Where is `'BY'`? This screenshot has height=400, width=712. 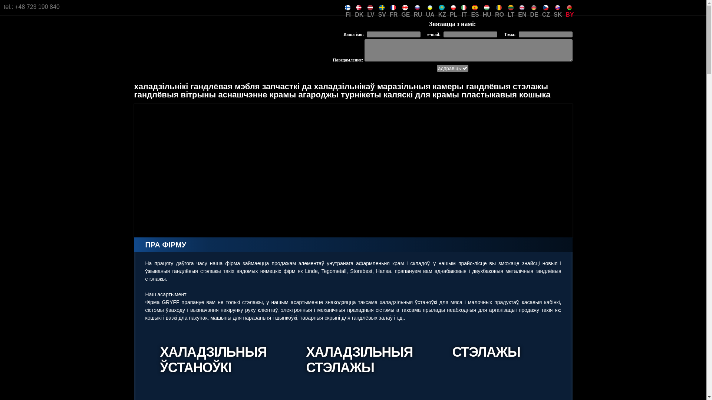 'BY' is located at coordinates (569, 7).